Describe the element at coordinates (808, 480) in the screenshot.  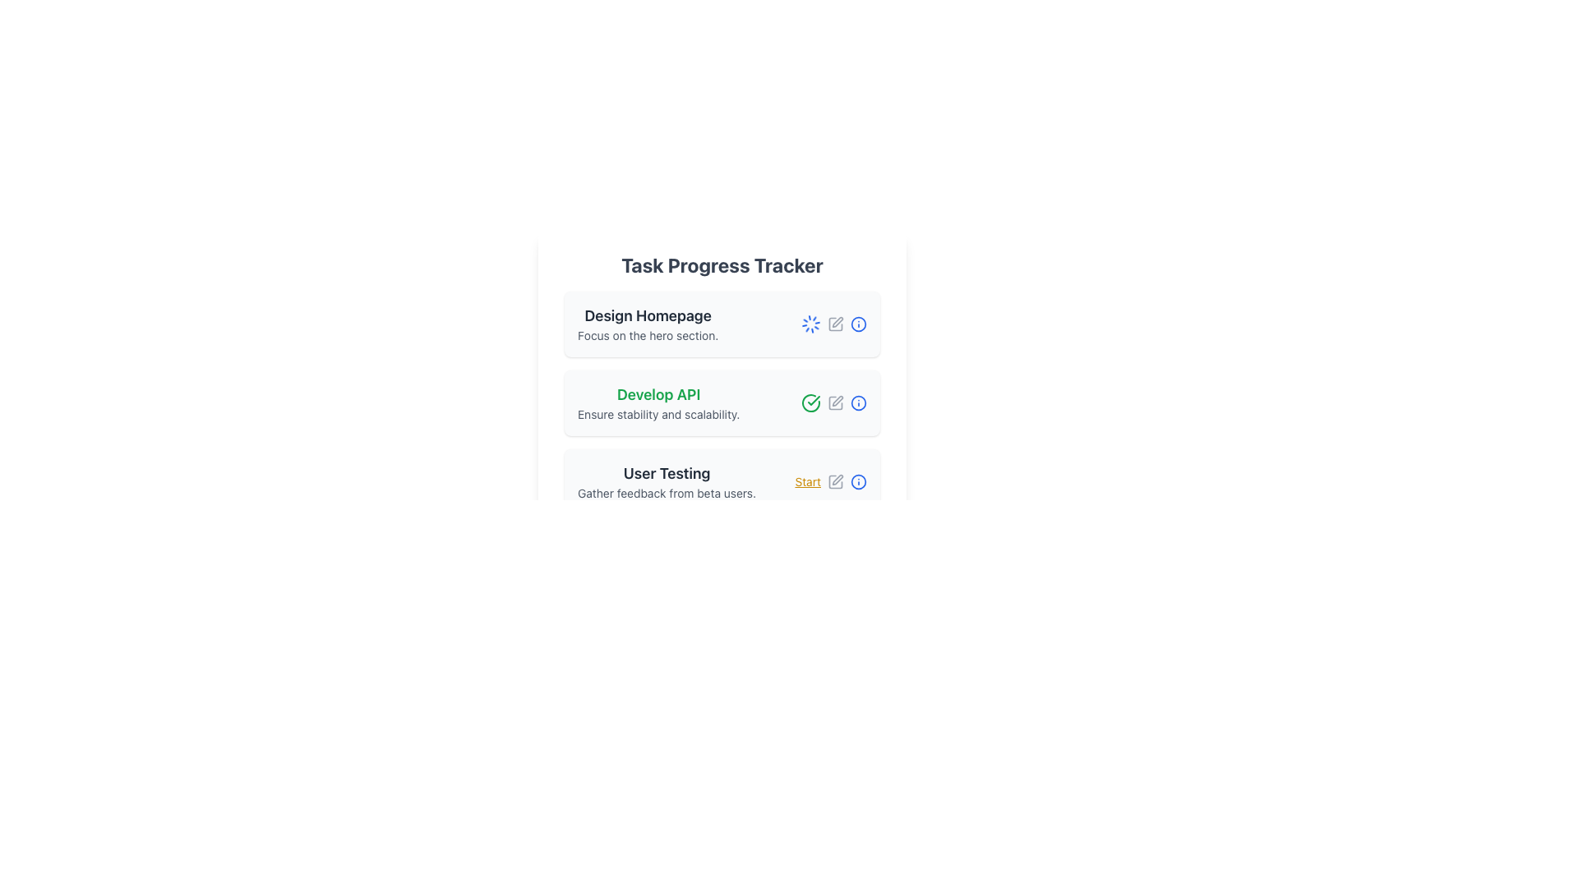
I see `the hyperlink located in the 'User Testing' section of the 'Task Progress Tracker' interface, positioned to the right side adjacent to other interactive icons` at that location.